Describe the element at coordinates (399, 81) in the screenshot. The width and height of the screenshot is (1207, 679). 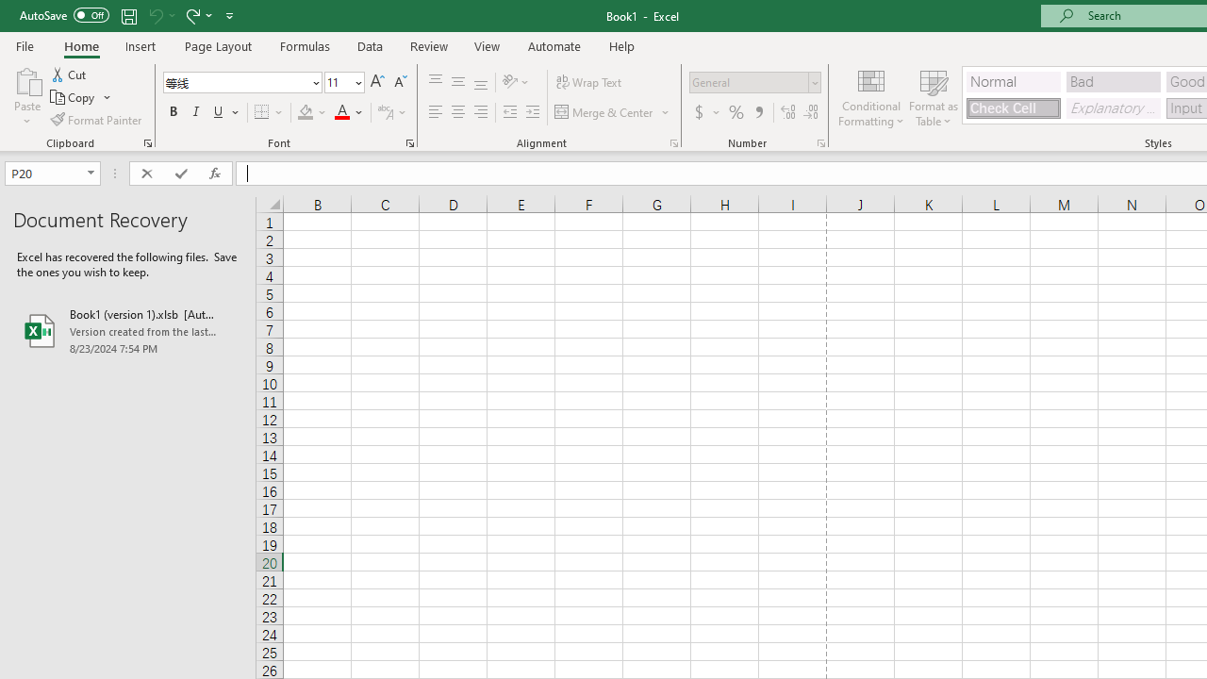
I see `'Decrease Font Size'` at that location.